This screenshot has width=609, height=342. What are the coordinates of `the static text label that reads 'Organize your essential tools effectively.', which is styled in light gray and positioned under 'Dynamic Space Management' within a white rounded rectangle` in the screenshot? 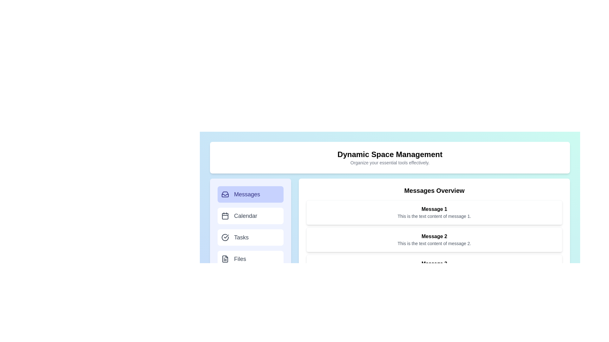 It's located at (390, 162).